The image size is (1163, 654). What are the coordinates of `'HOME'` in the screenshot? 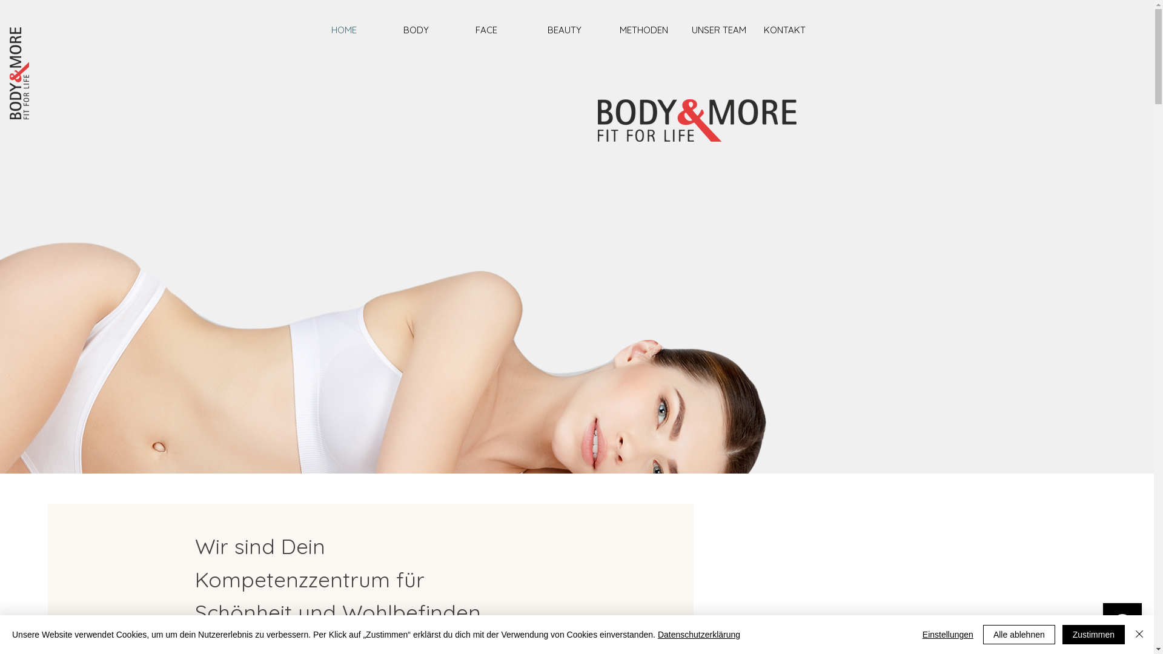 It's located at (360, 30).